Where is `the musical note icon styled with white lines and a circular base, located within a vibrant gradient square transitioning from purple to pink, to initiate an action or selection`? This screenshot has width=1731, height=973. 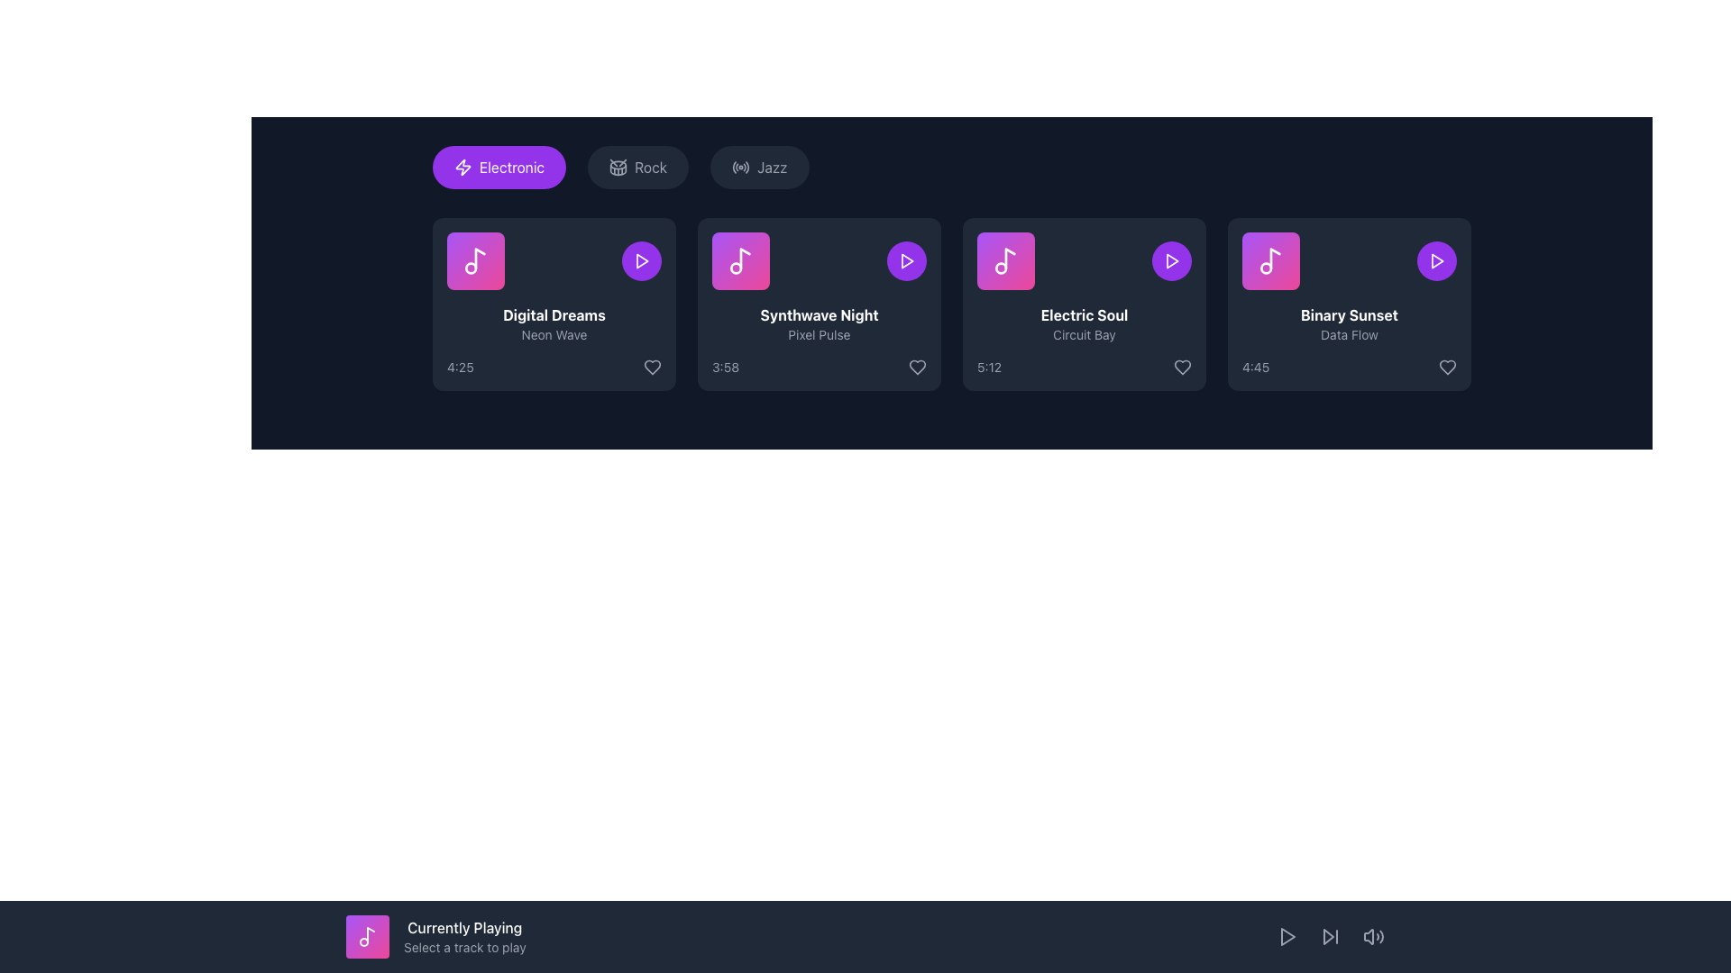
the musical note icon styled with white lines and a circular base, located within a vibrant gradient square transitioning from purple to pink, to initiate an action or selection is located at coordinates (476, 260).